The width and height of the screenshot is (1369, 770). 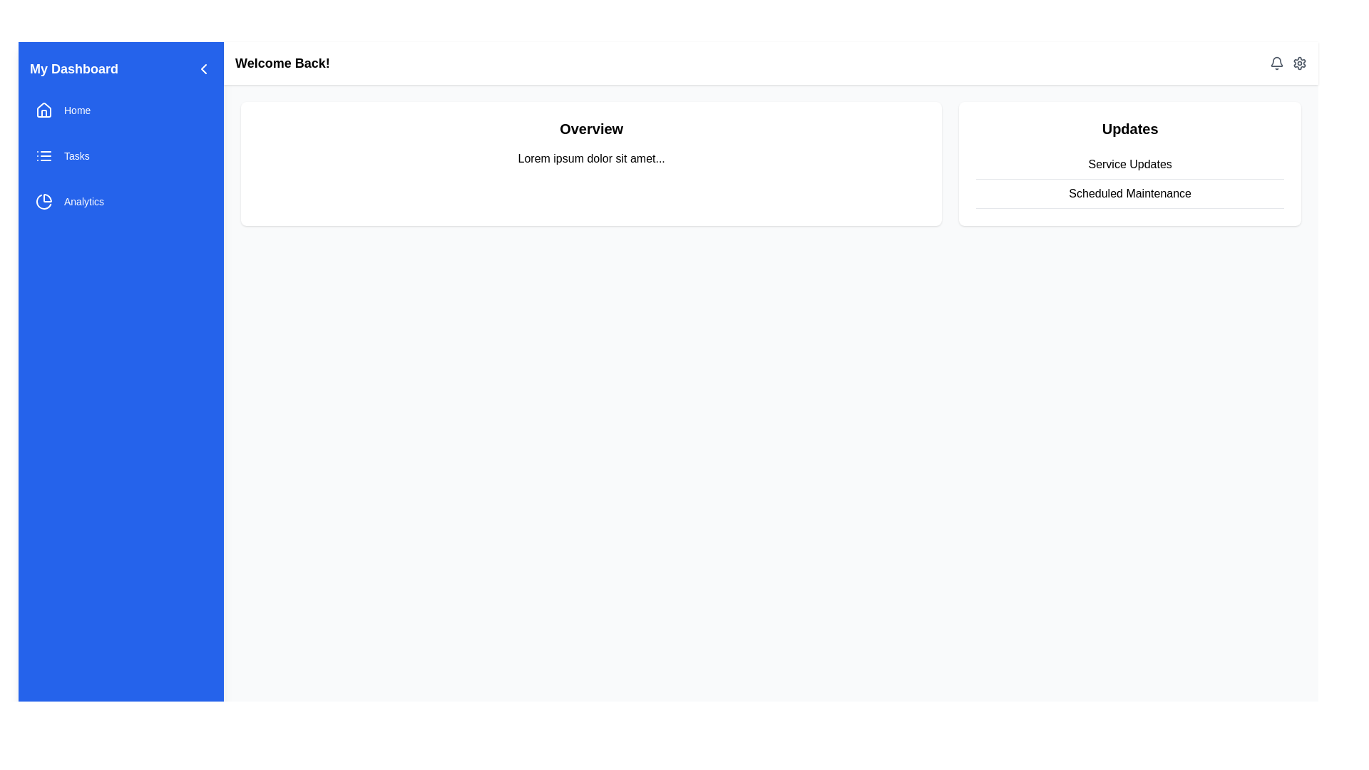 I want to click on the 'Tasks' icon located in the left-side navigation panel, so click(x=44, y=156).